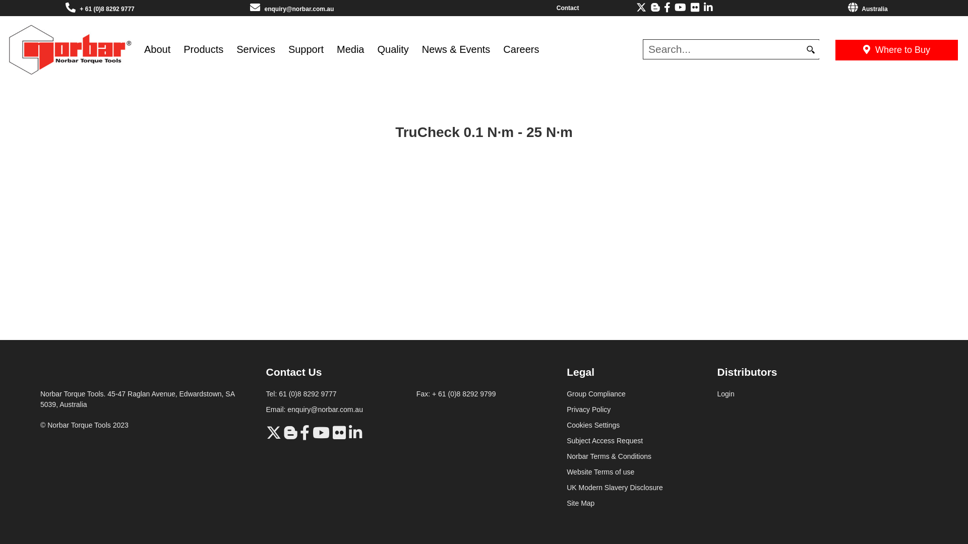 This screenshot has height=544, width=968. Describe the element at coordinates (810, 49) in the screenshot. I see `'Search'` at that location.